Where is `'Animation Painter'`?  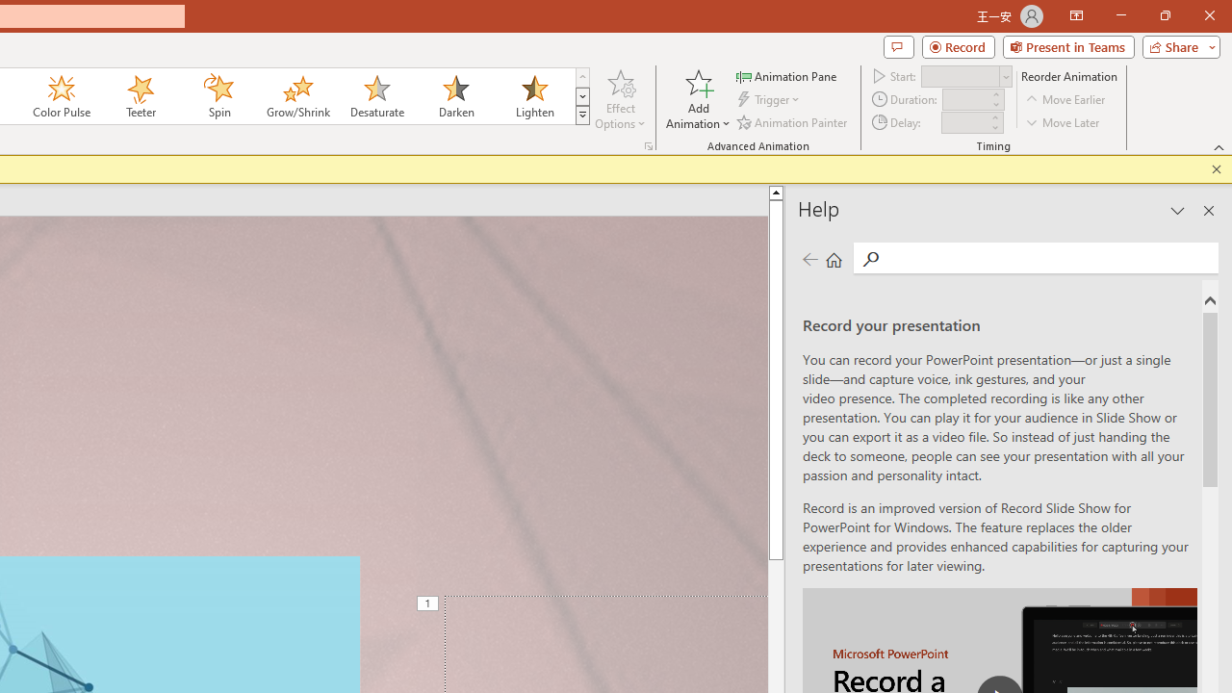
'Animation Painter' is located at coordinates (793, 122).